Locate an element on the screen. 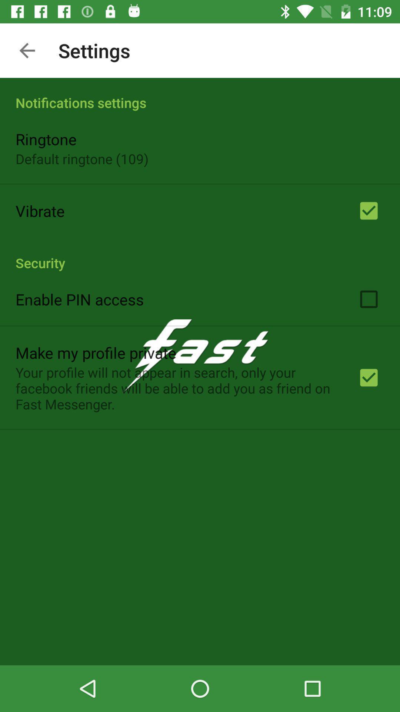  icon to the left of settings app is located at coordinates (27, 50).